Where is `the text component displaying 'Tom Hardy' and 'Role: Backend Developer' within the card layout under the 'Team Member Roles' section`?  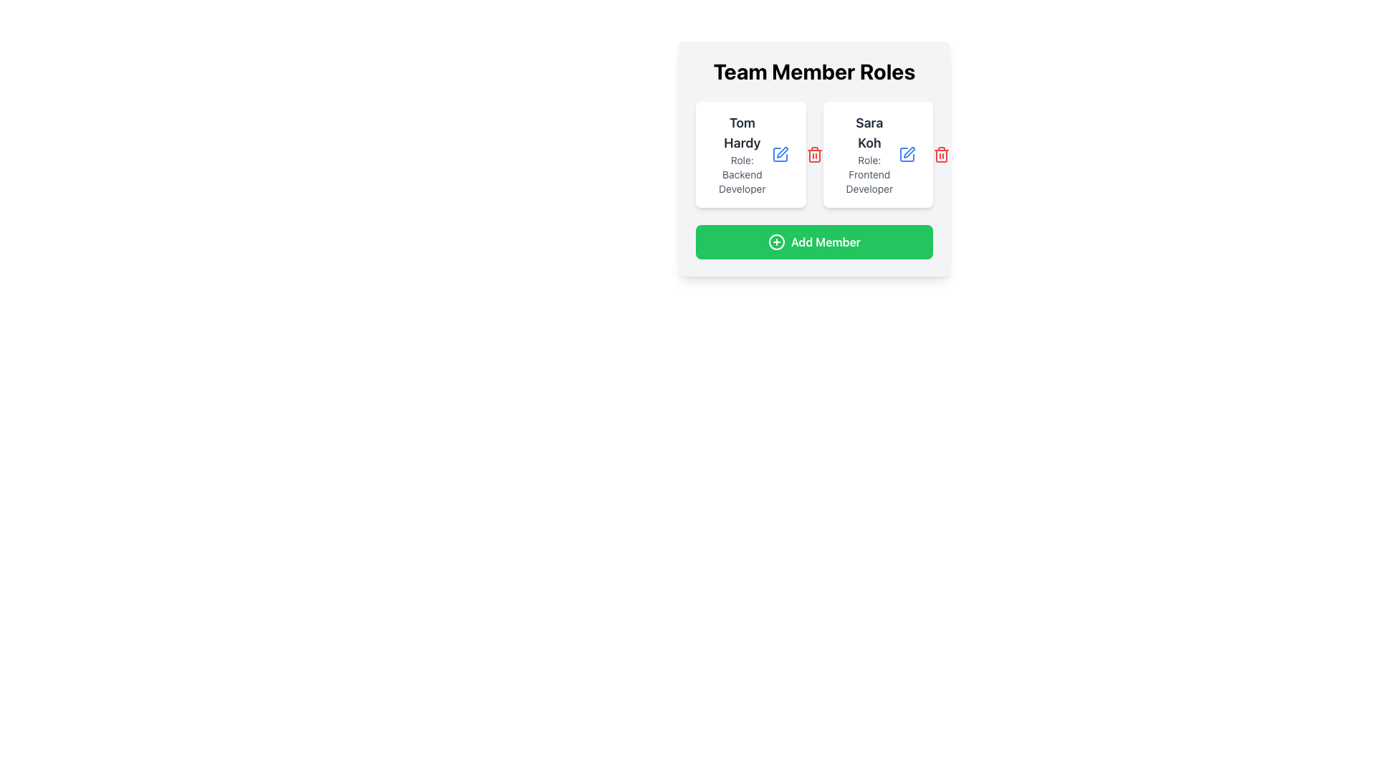 the text component displaying 'Tom Hardy' and 'Role: Backend Developer' within the card layout under the 'Team Member Roles' section is located at coordinates (742, 155).